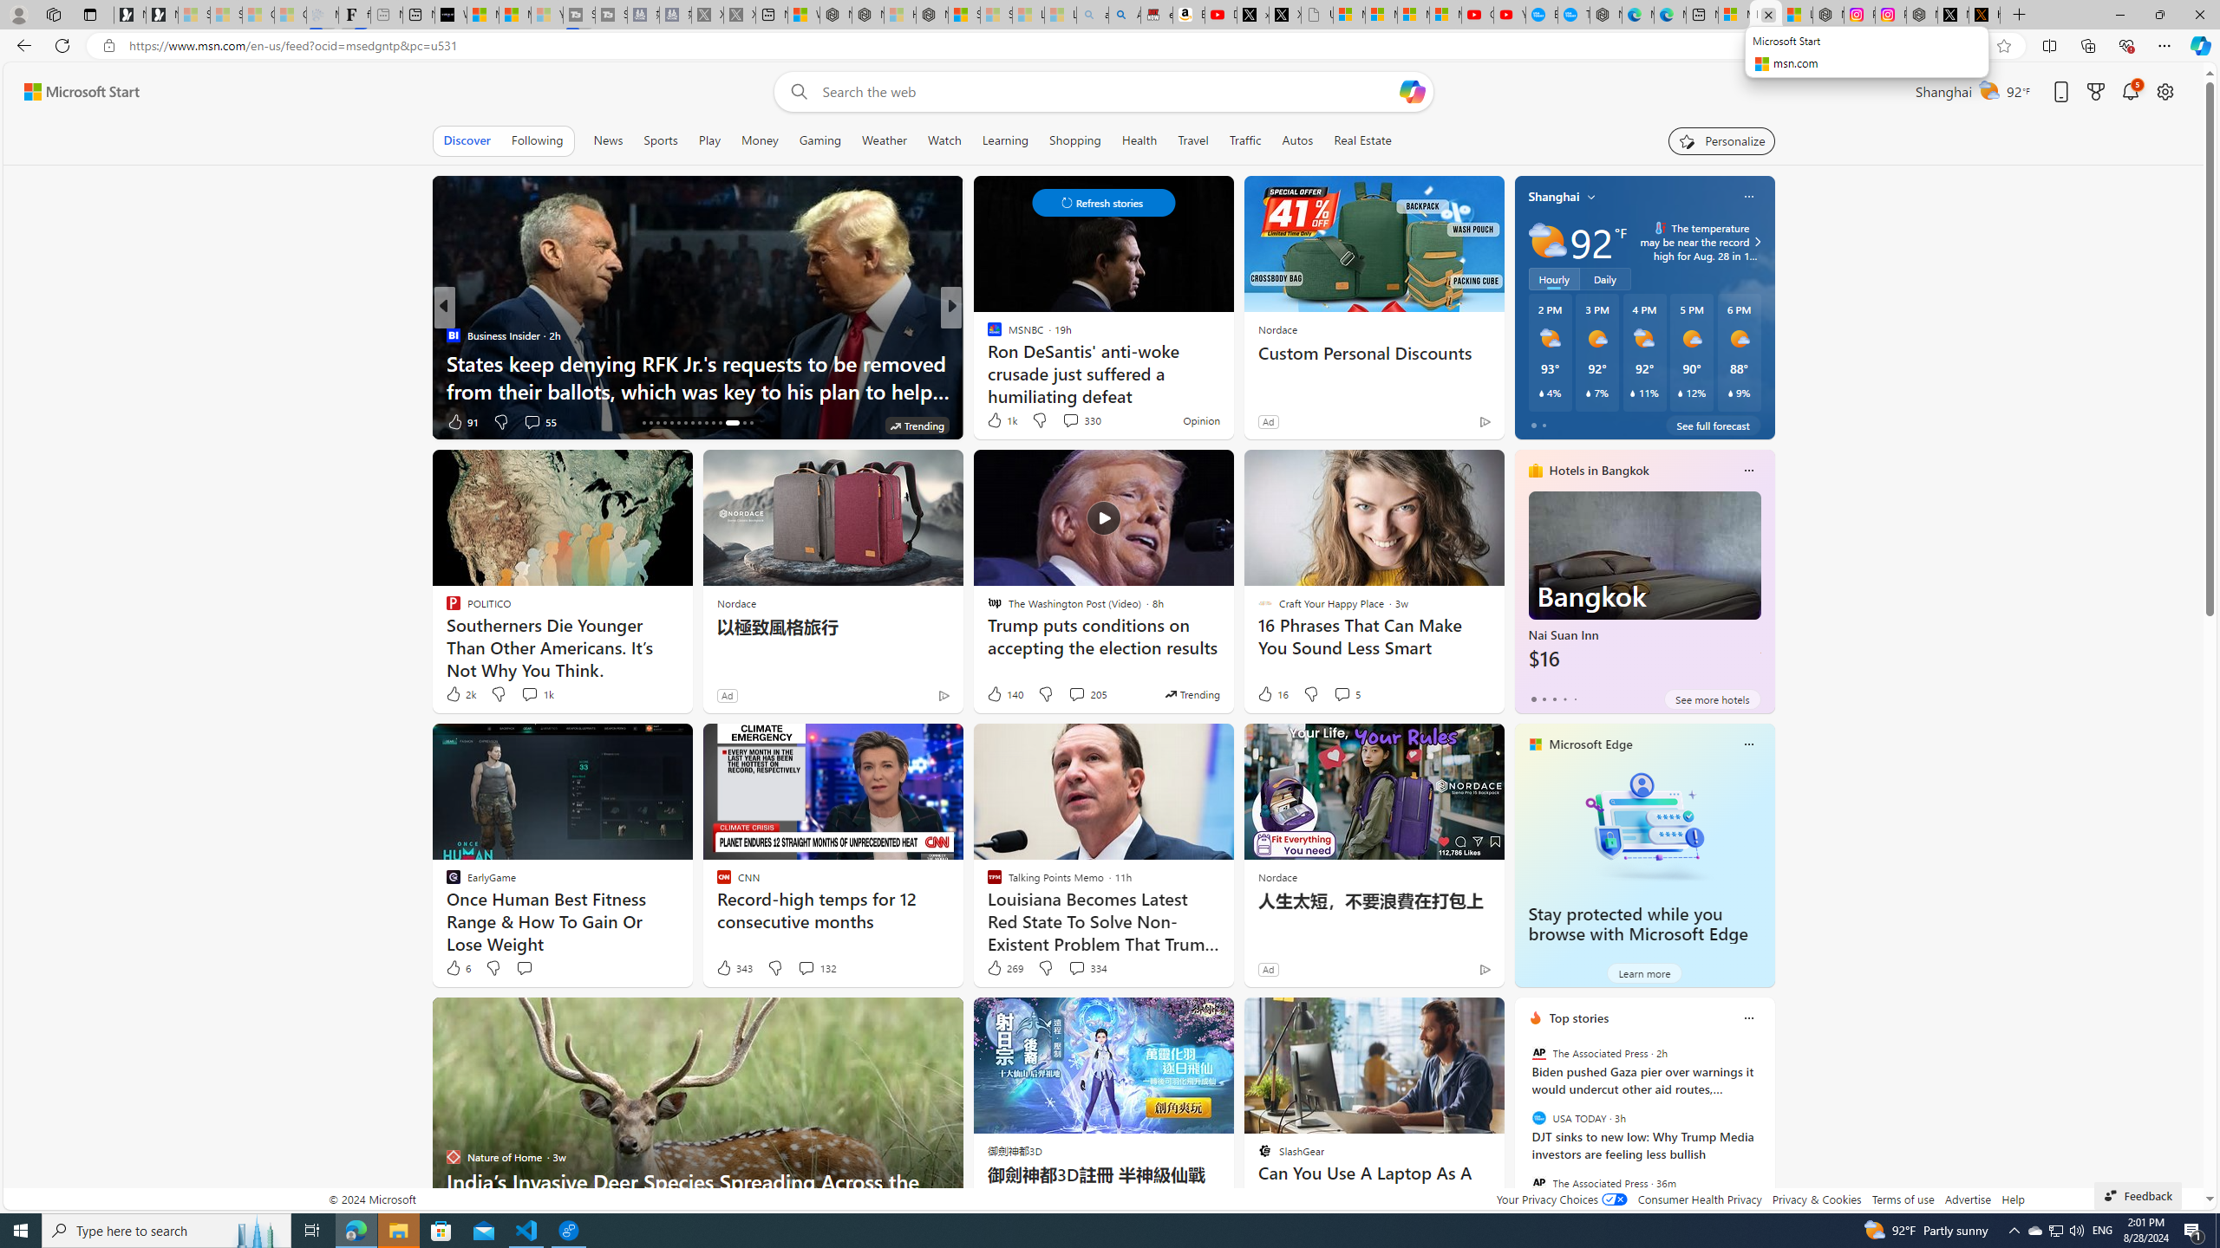 The height and width of the screenshot is (1248, 2220). I want to click on 'Custom Personal Discounts', so click(1372, 353).